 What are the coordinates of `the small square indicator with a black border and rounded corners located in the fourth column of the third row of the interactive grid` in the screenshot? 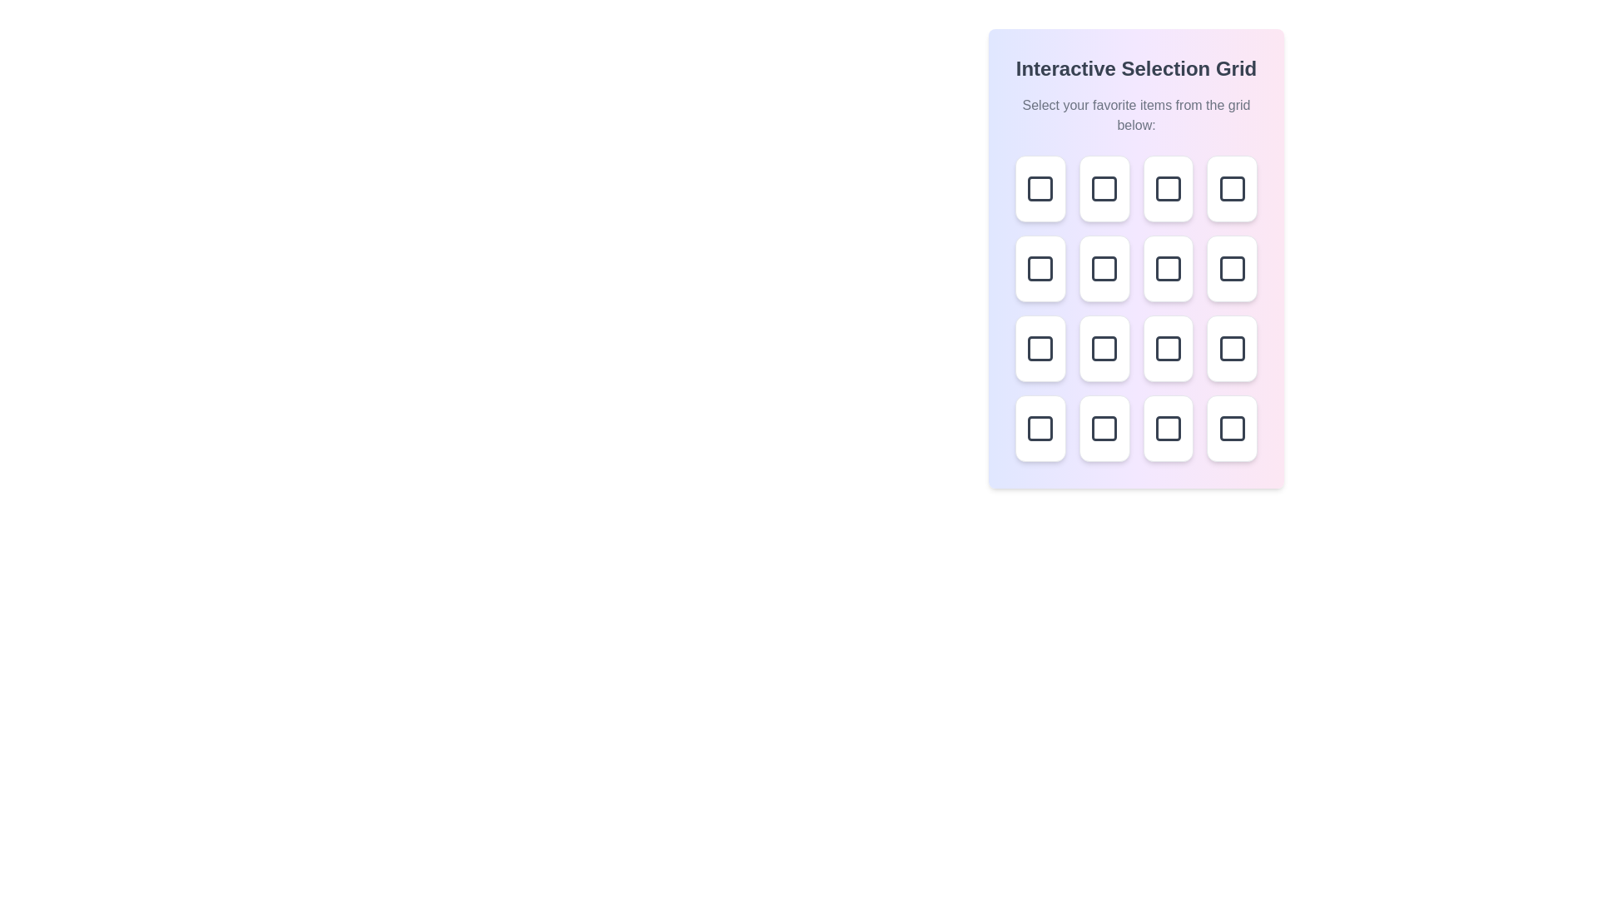 It's located at (1167, 348).